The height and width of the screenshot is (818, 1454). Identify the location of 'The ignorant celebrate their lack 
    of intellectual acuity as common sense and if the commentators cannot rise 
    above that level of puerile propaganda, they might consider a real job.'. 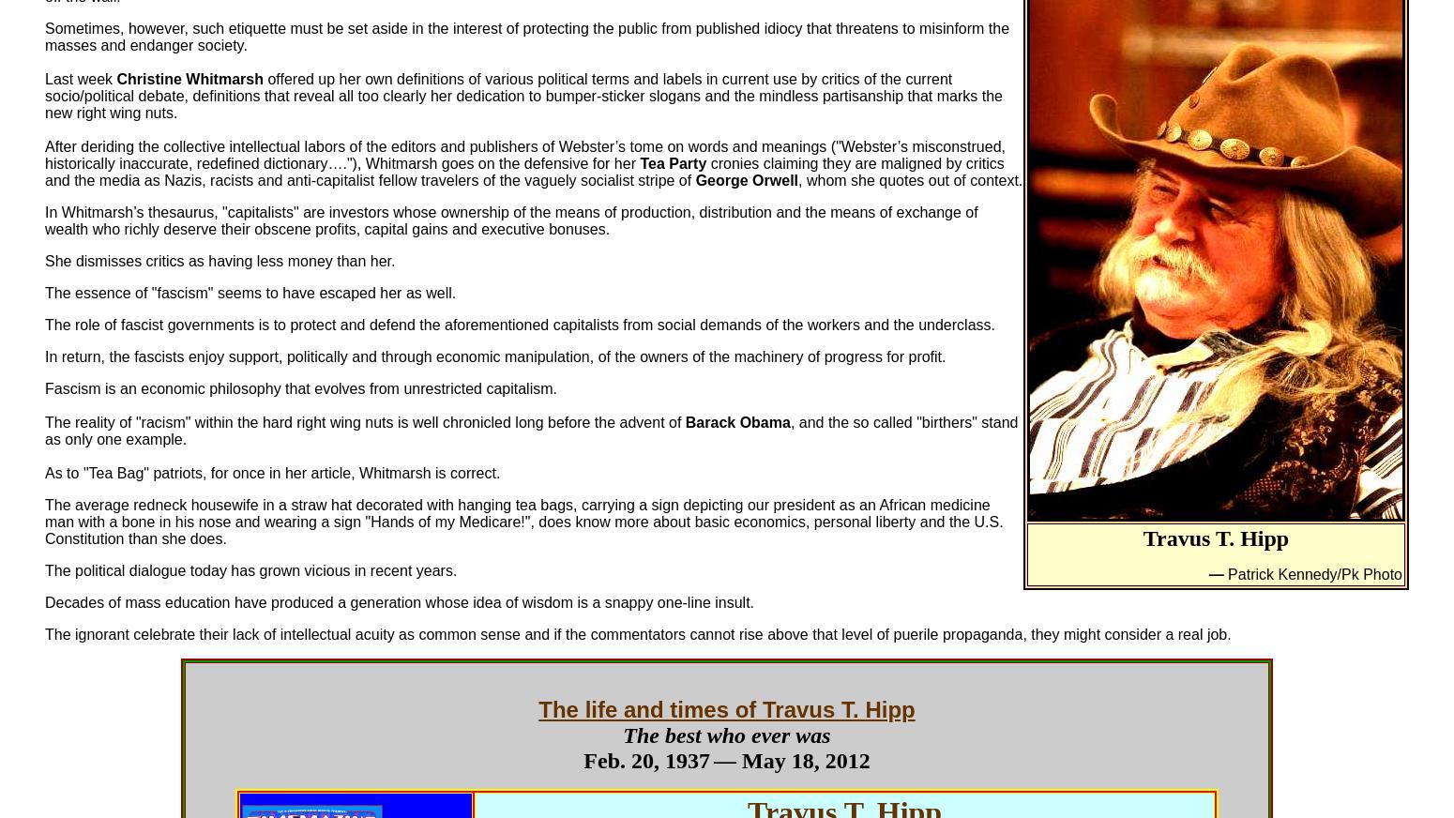
(636, 633).